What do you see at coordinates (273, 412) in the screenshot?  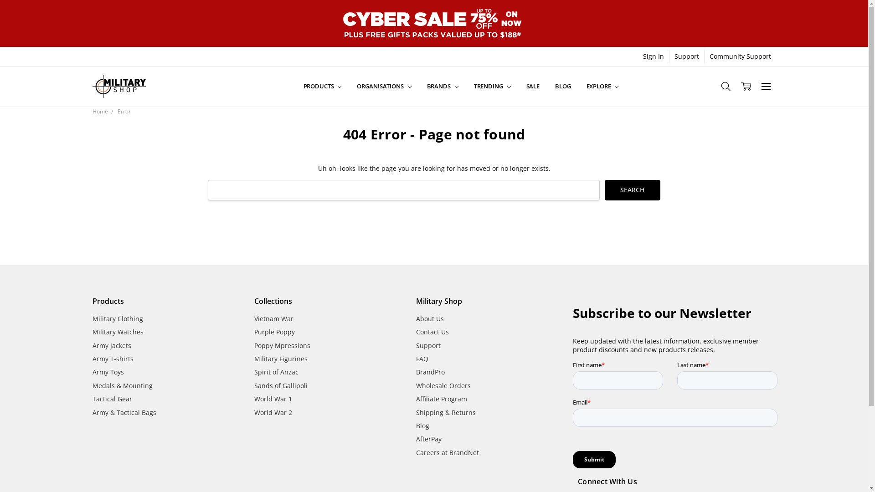 I see `'World War 2'` at bounding box center [273, 412].